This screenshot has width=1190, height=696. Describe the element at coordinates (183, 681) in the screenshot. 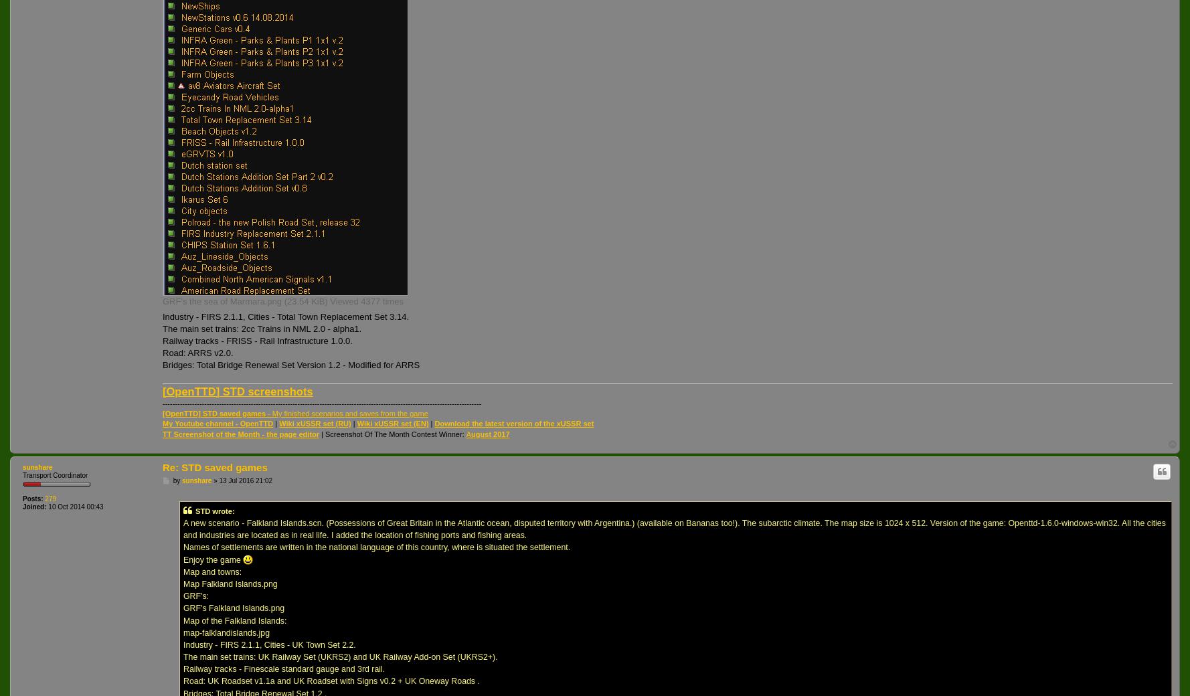

I see `'Road: UK Roadset v1.1a and UK Roadset with Signs v0.2 + UK Oneway Roads .'` at that location.